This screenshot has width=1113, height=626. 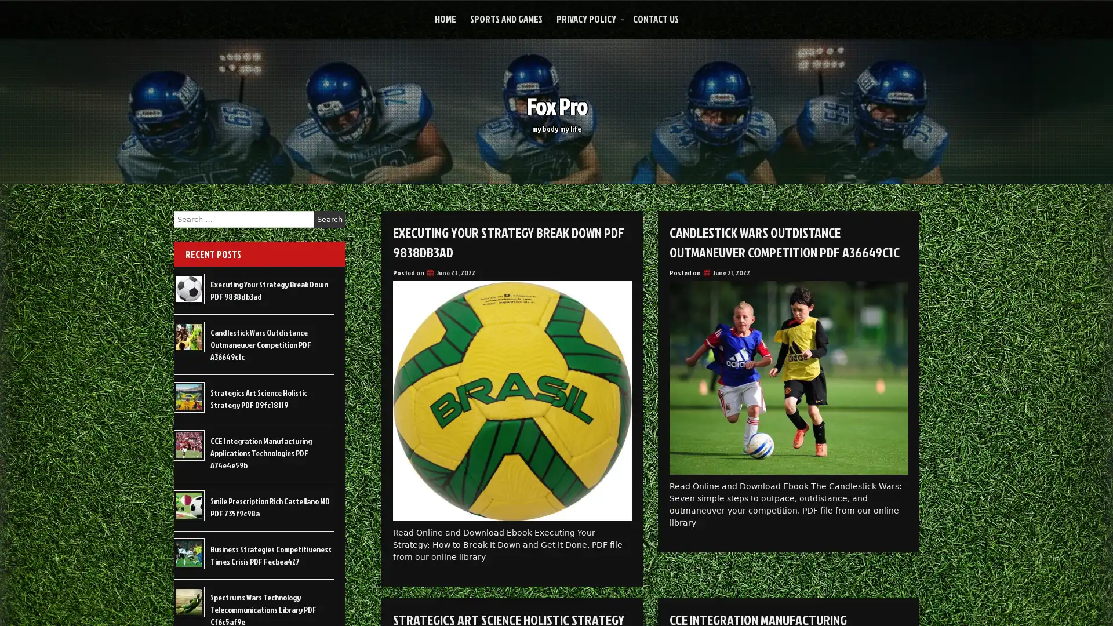 What do you see at coordinates (329, 219) in the screenshot?
I see `Search` at bounding box center [329, 219].